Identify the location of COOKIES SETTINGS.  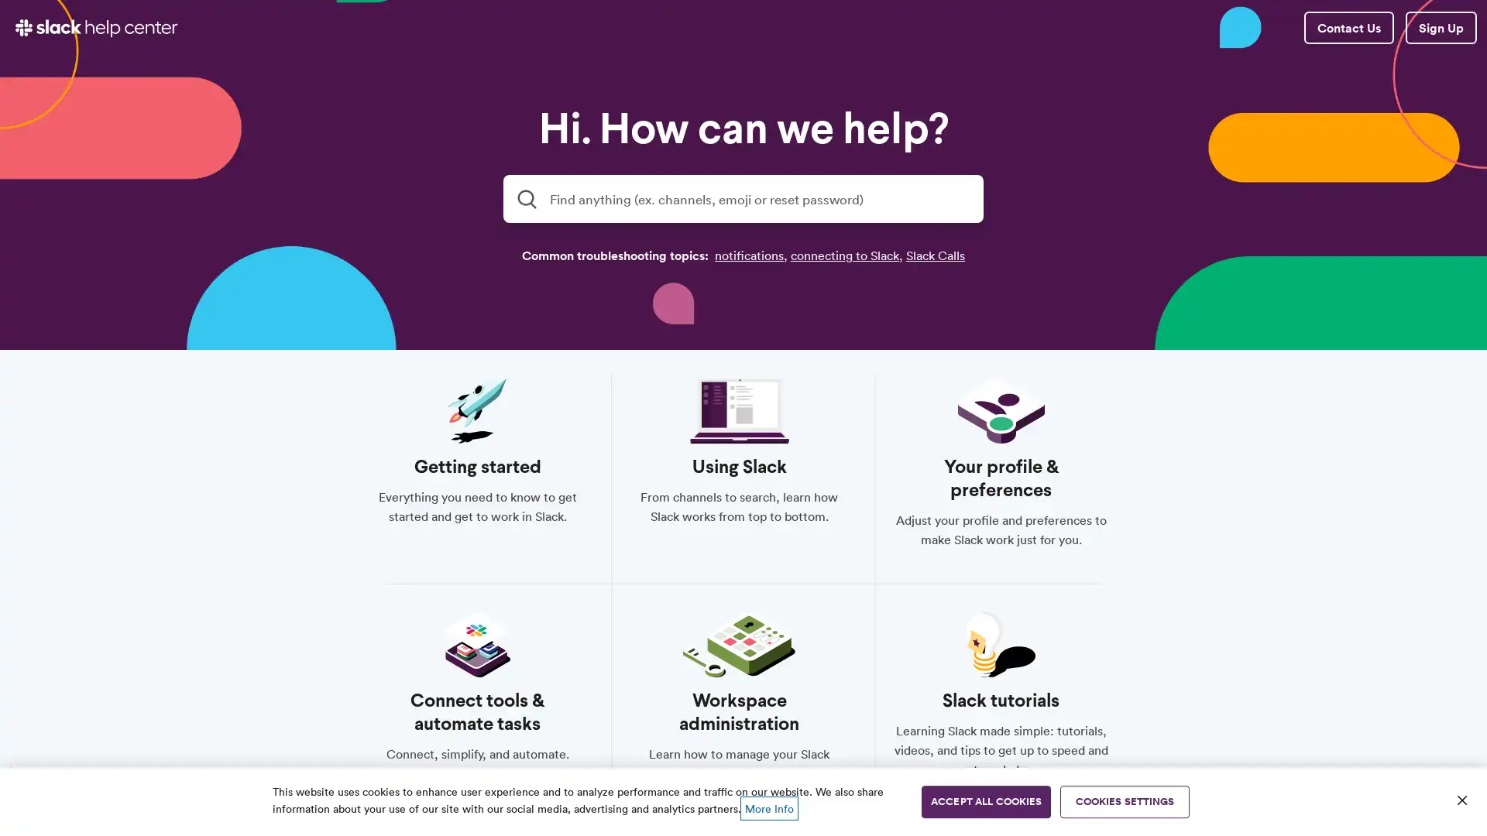
(1125, 801).